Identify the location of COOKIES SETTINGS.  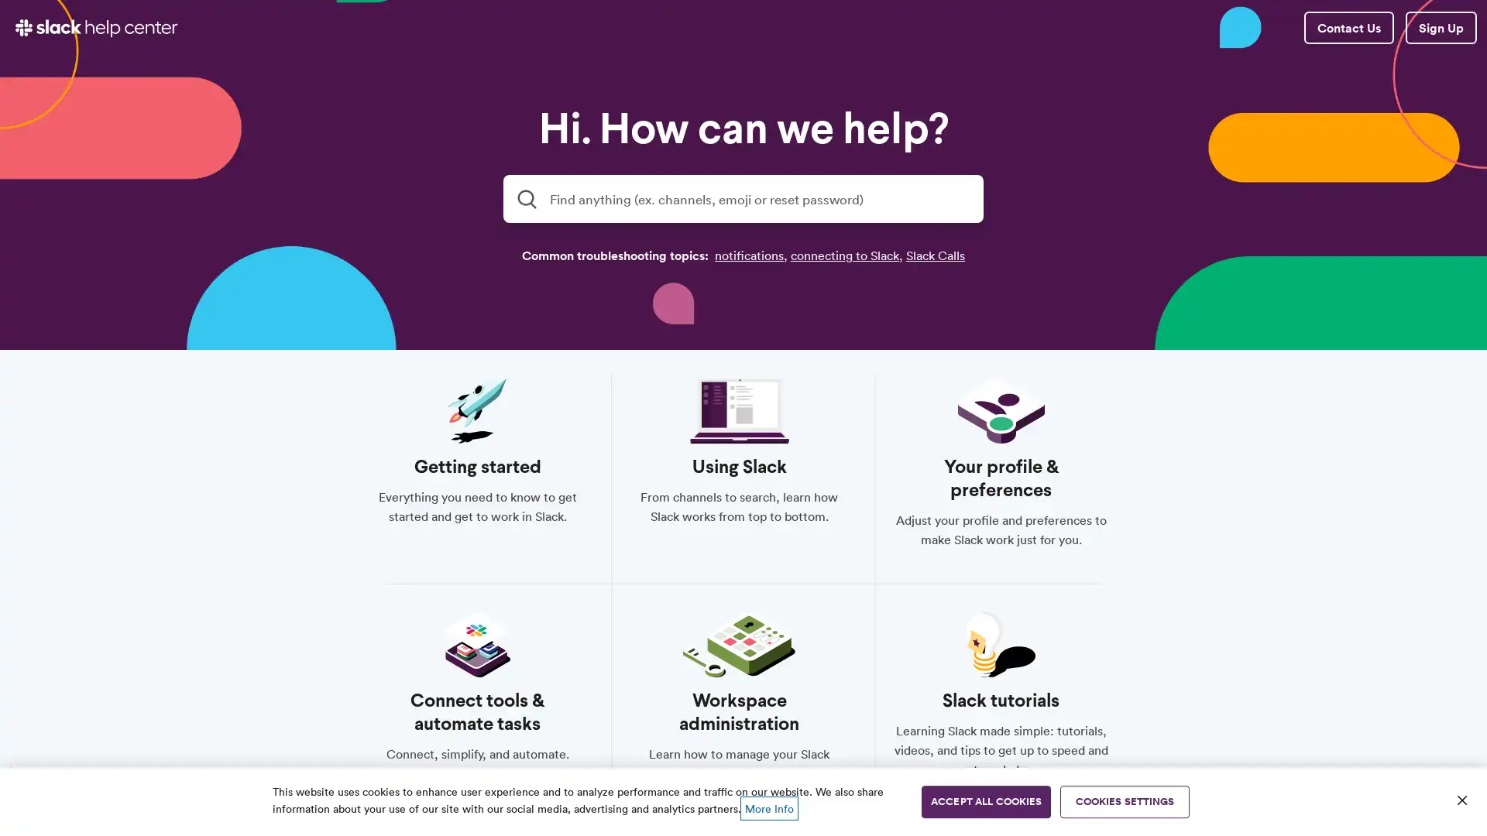
(1125, 801).